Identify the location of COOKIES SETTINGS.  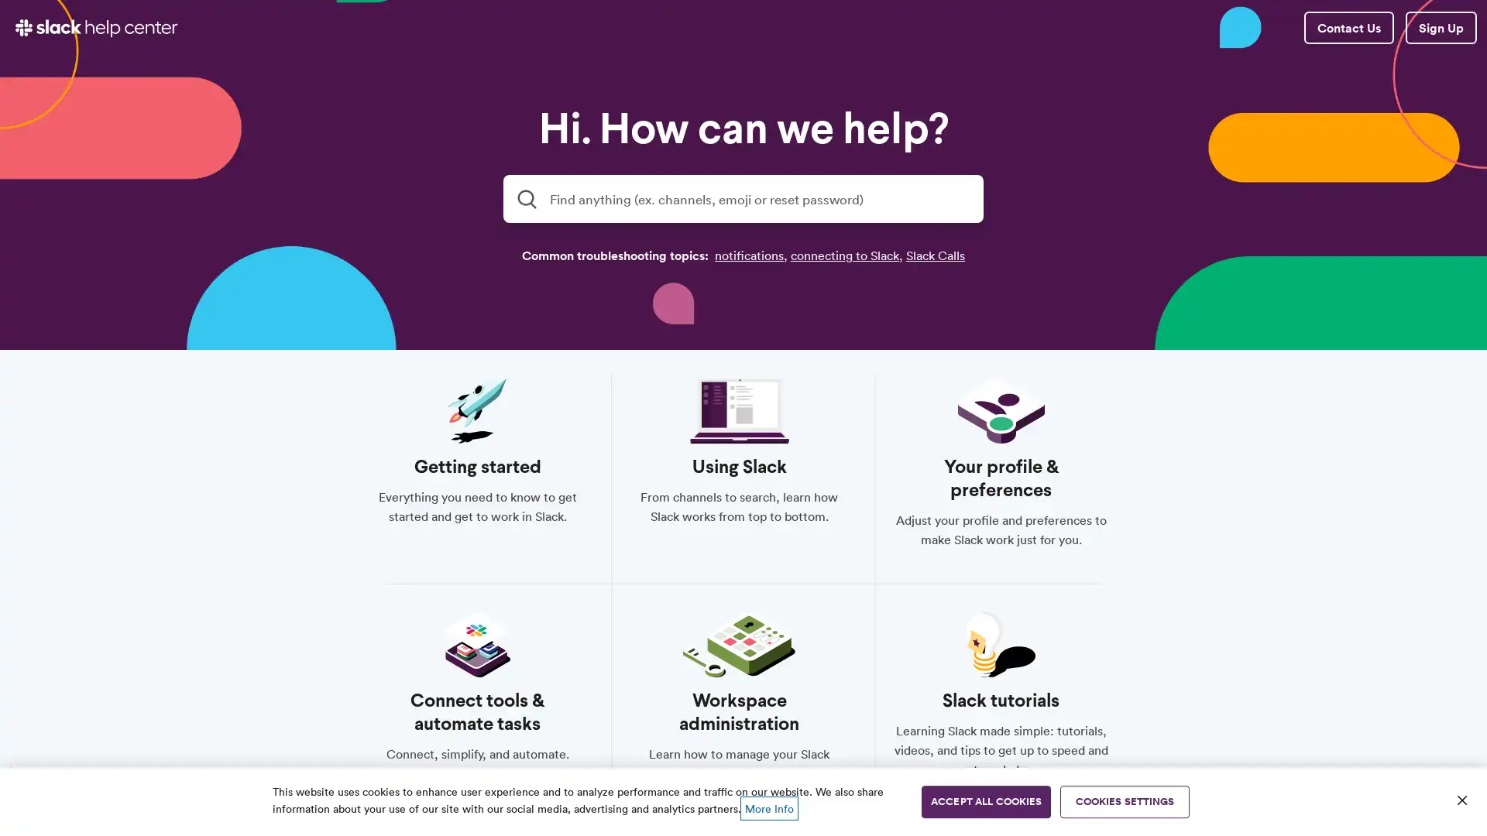
(1125, 801).